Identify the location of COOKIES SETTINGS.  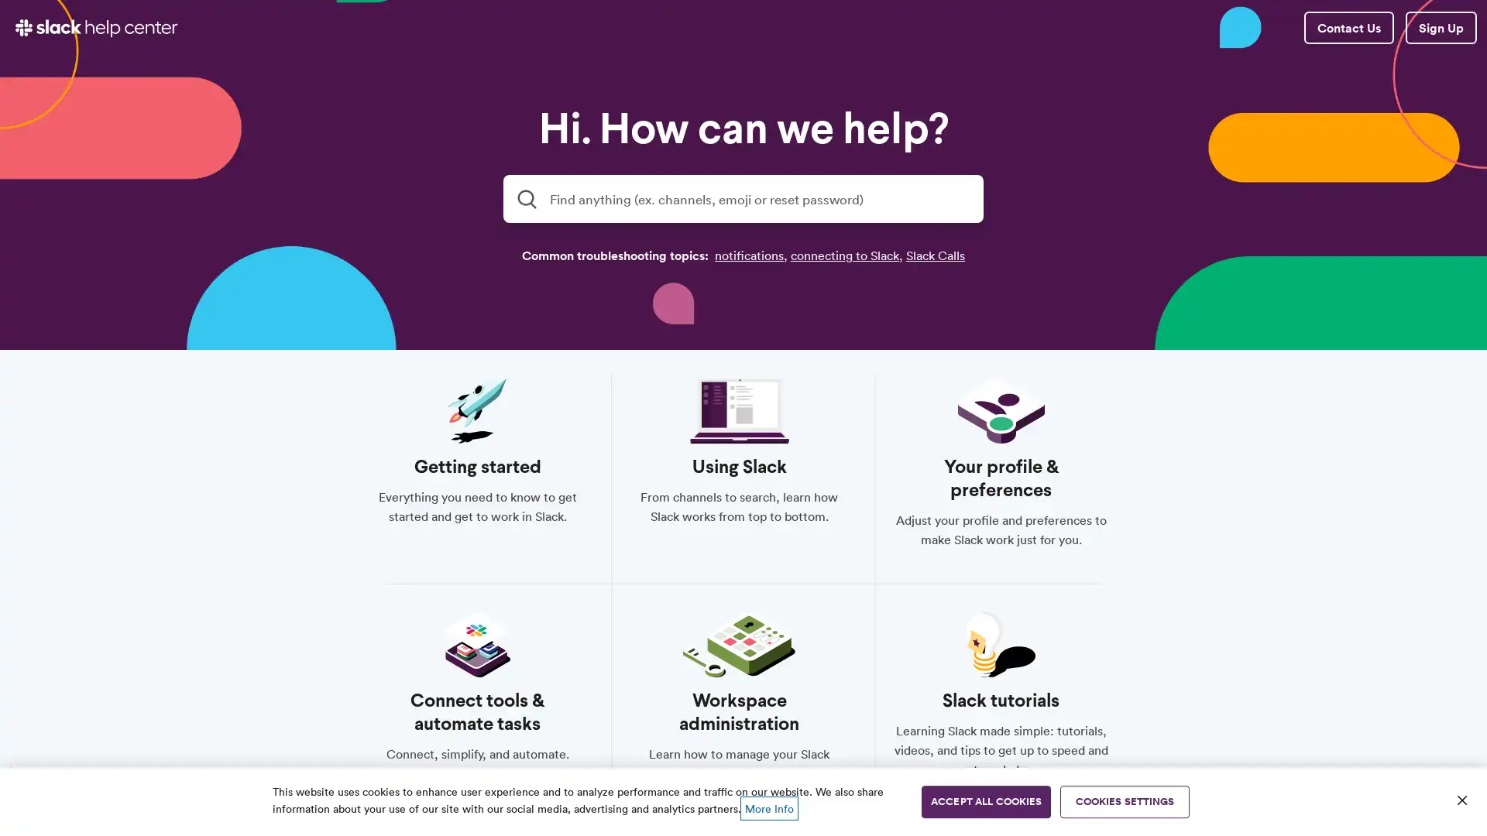
(1125, 801).